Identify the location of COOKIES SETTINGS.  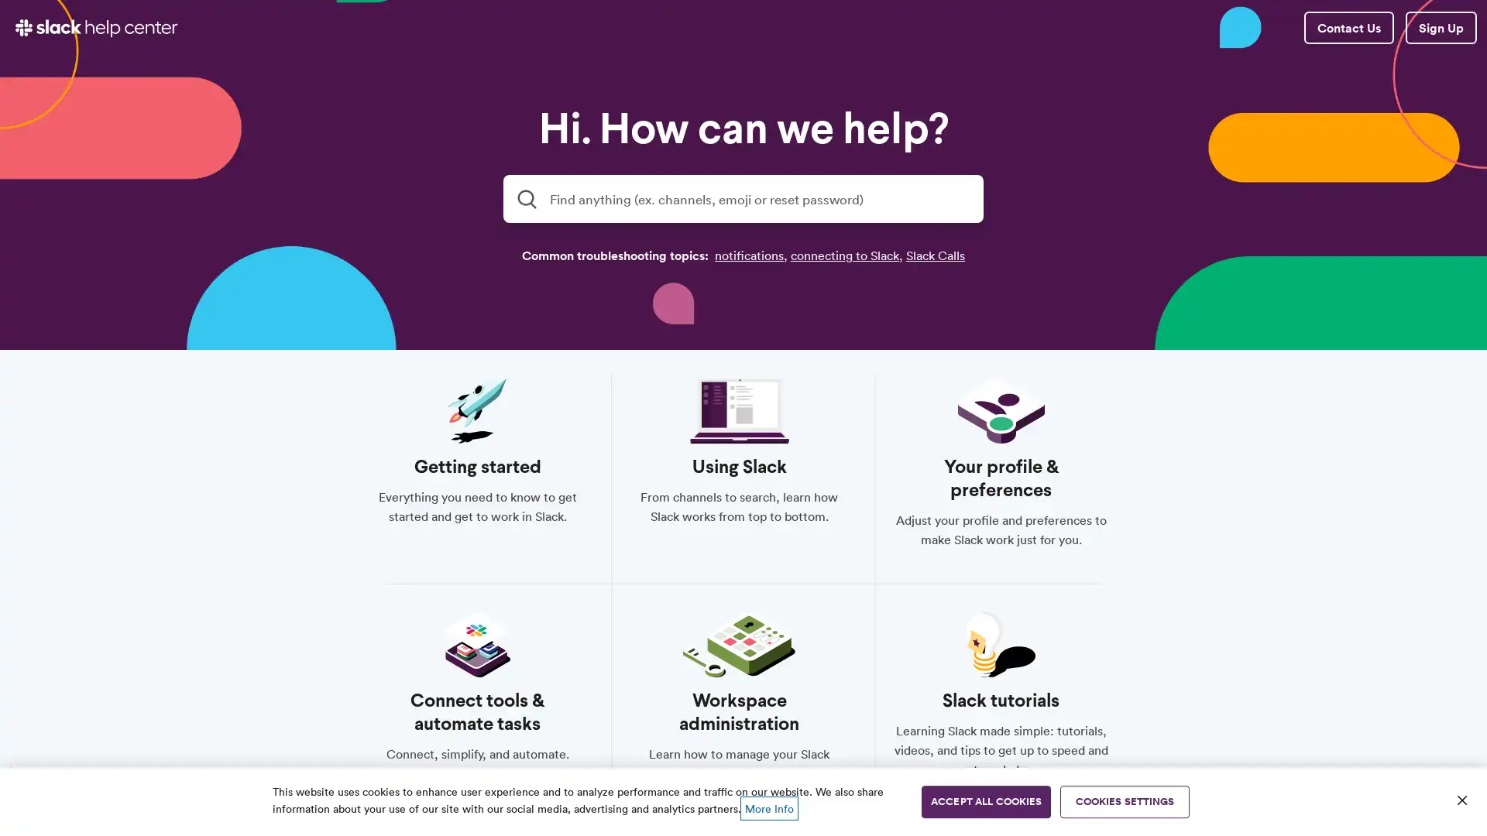
(1125, 801).